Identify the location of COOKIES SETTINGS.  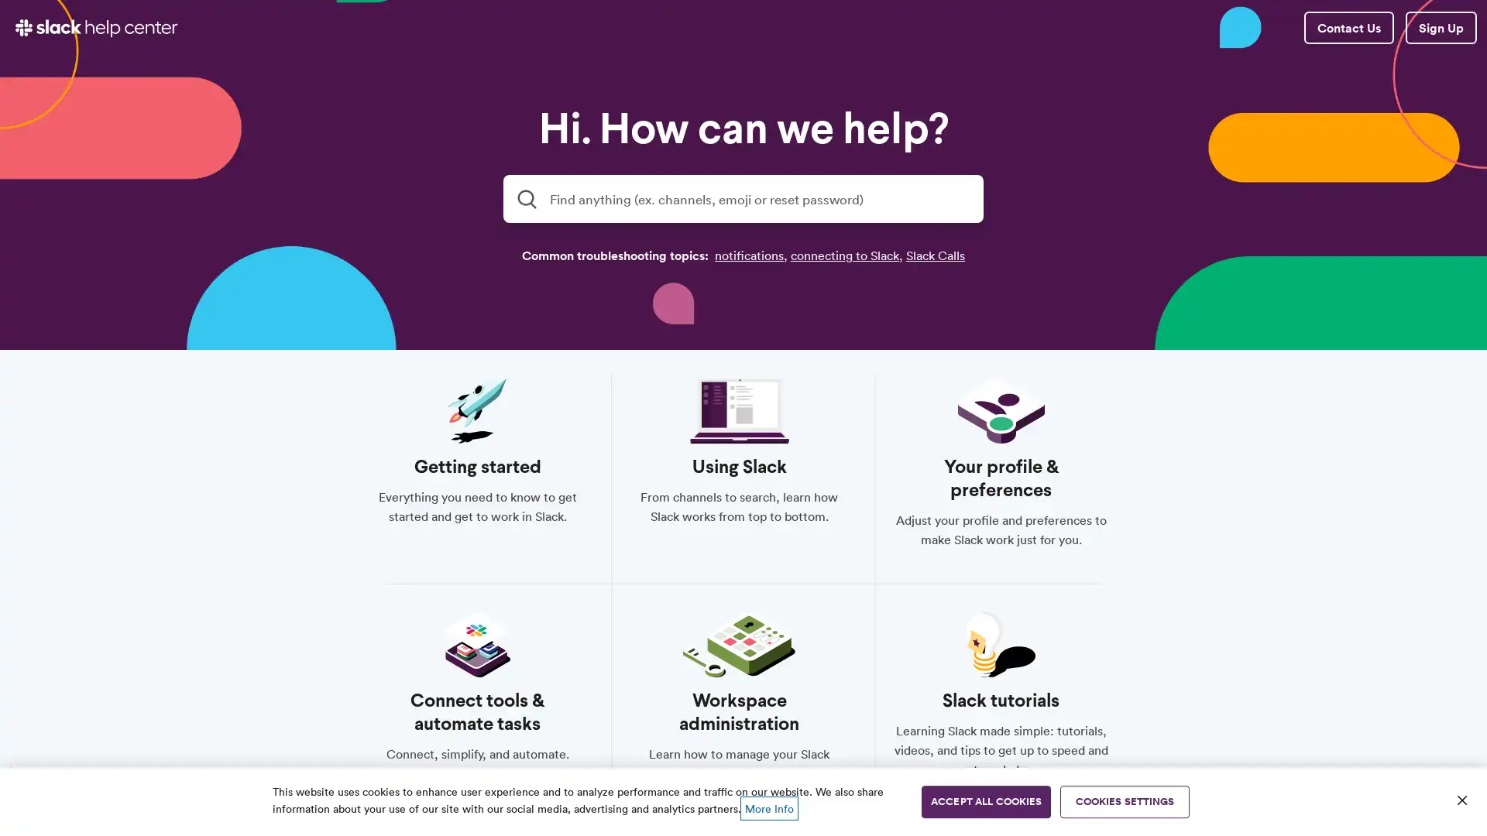
(1125, 801).